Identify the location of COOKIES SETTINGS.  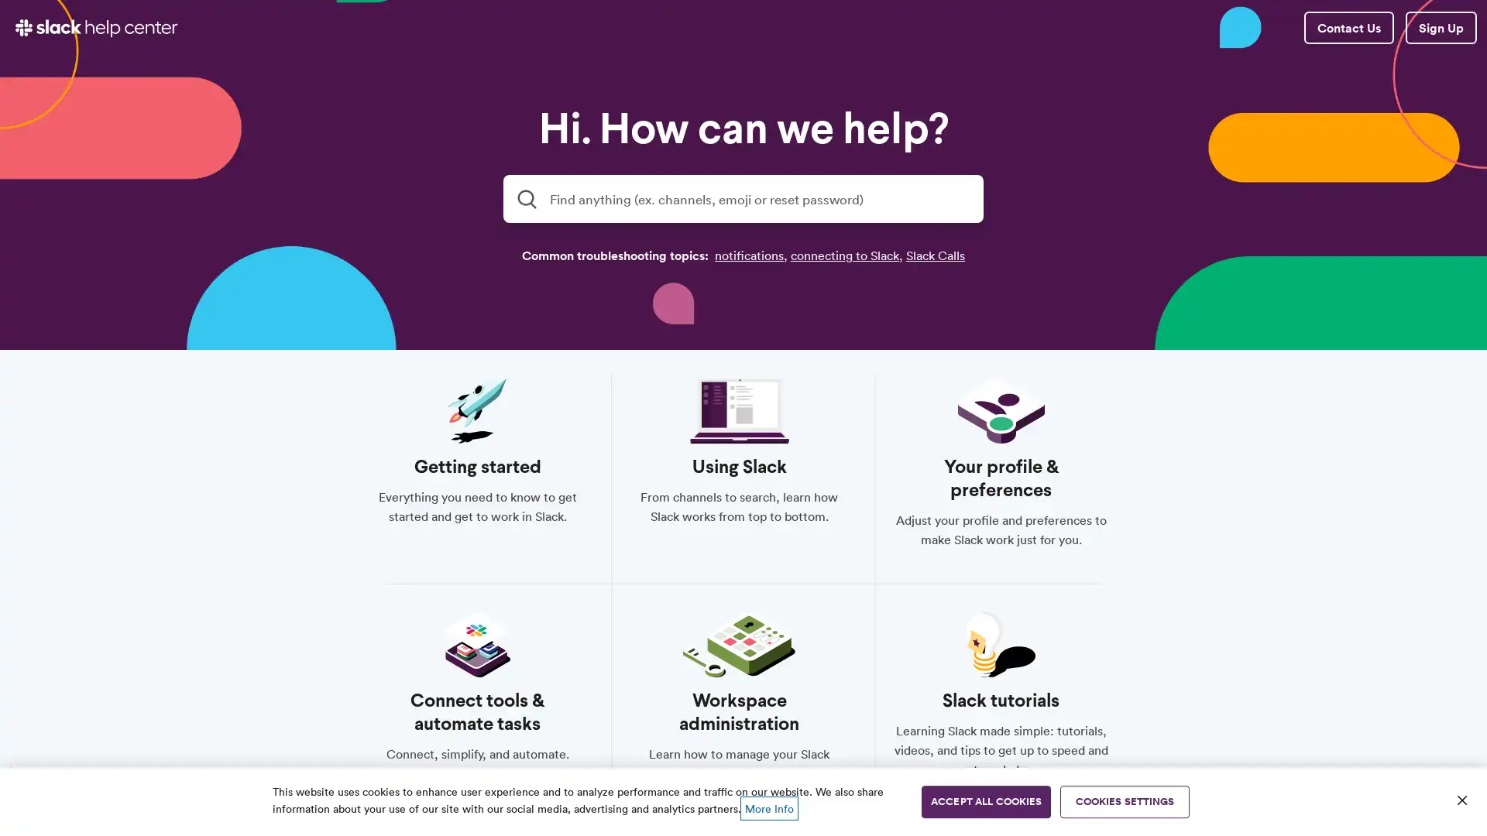
(1125, 801).